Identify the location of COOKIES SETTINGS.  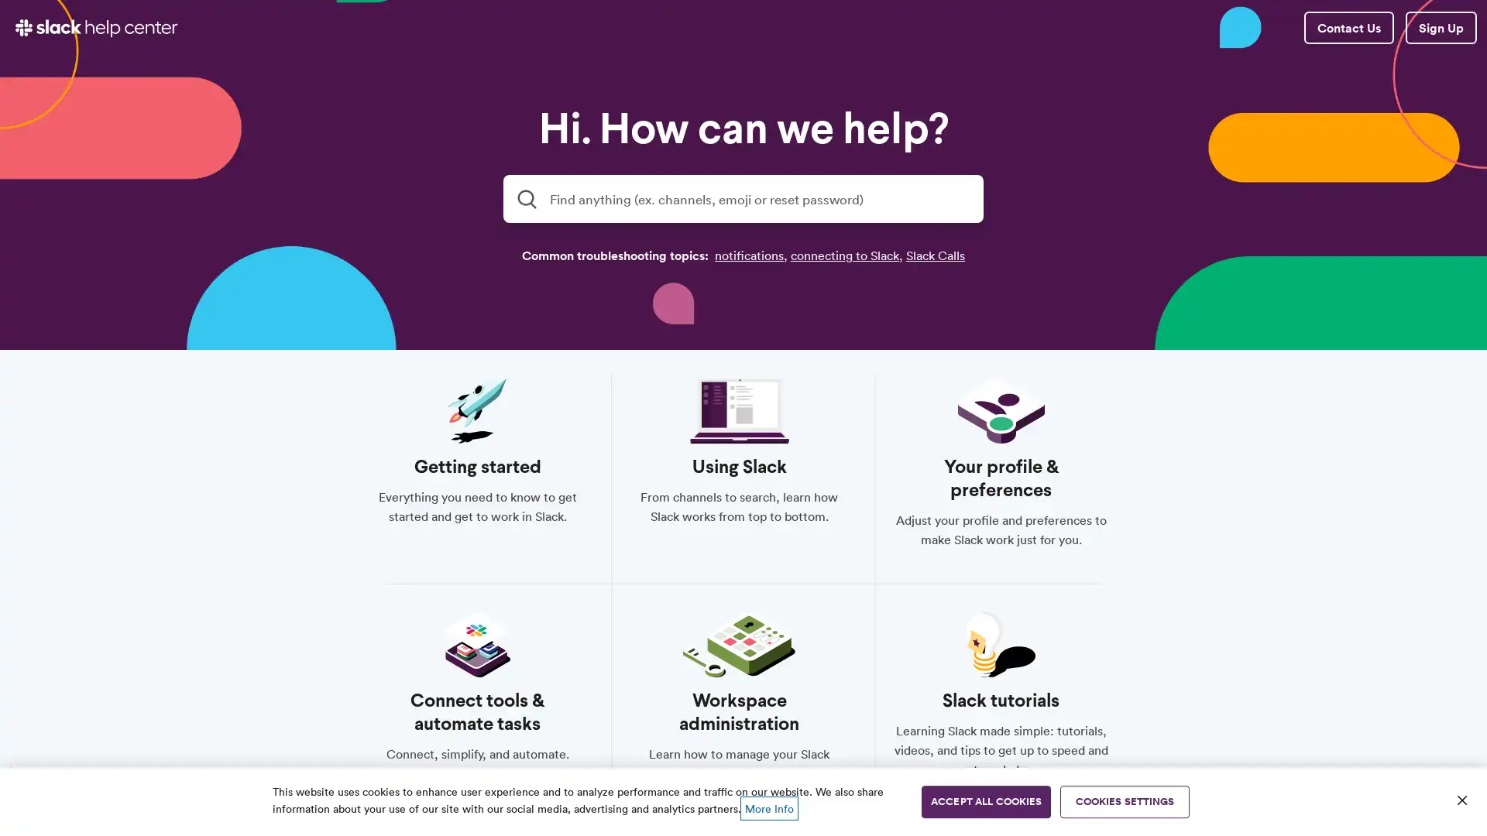
(1125, 801).